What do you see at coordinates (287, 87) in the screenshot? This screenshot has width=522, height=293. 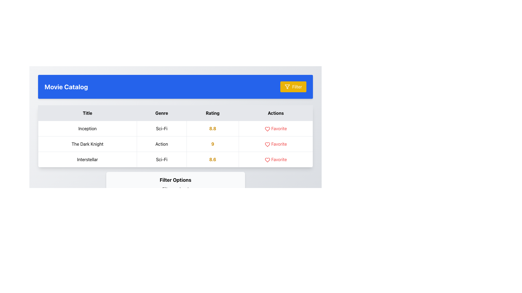 I see `the funnel icon on the 'Filter' button located at the top-right corner of the interface` at bounding box center [287, 87].